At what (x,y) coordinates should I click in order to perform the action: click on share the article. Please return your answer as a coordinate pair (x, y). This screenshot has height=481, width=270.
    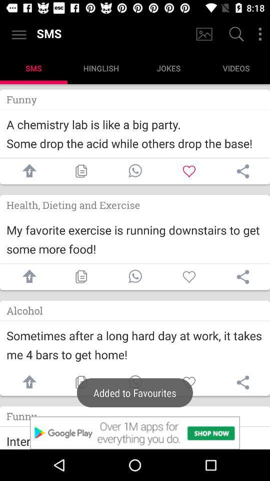
    Looking at the image, I should click on (242, 277).